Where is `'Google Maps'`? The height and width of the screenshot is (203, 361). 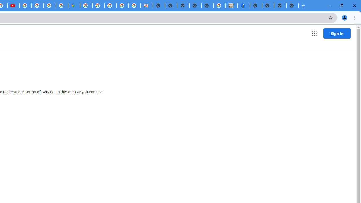 'Google Maps' is located at coordinates (74, 6).